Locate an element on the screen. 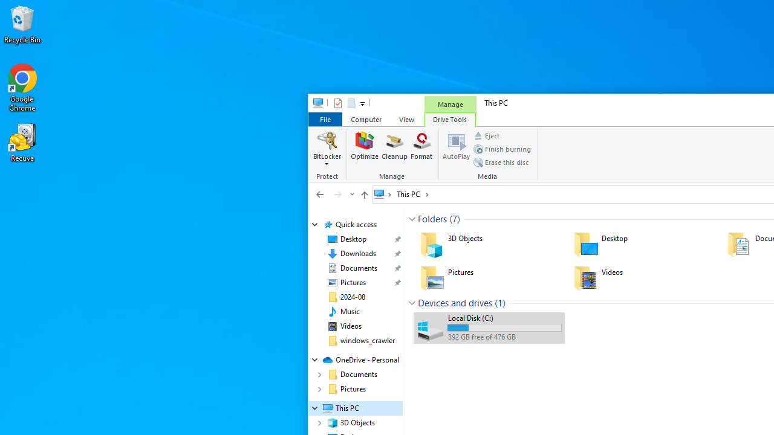 This screenshot has width=774, height=435. 'BitLocker' is located at coordinates (327, 148).